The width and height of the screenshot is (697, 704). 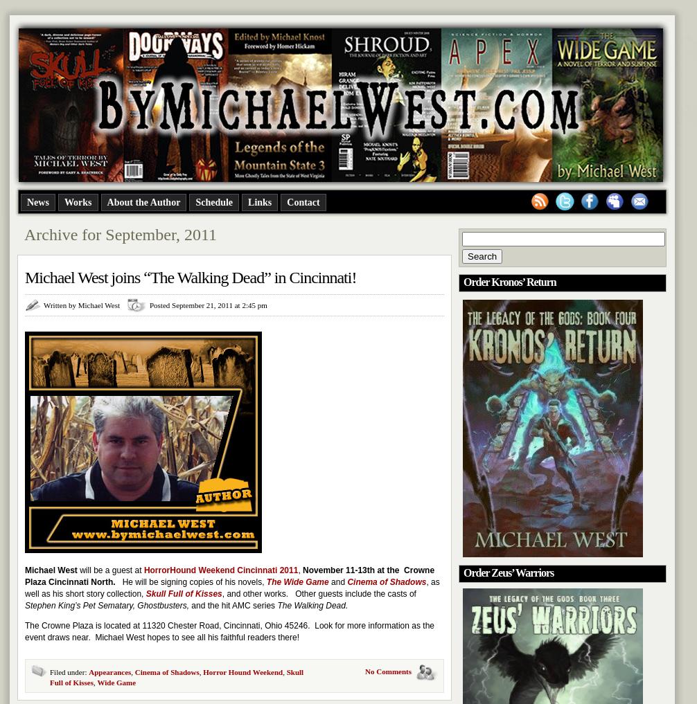 I want to click on 'Order Zeus’ Warriors', so click(x=508, y=571).